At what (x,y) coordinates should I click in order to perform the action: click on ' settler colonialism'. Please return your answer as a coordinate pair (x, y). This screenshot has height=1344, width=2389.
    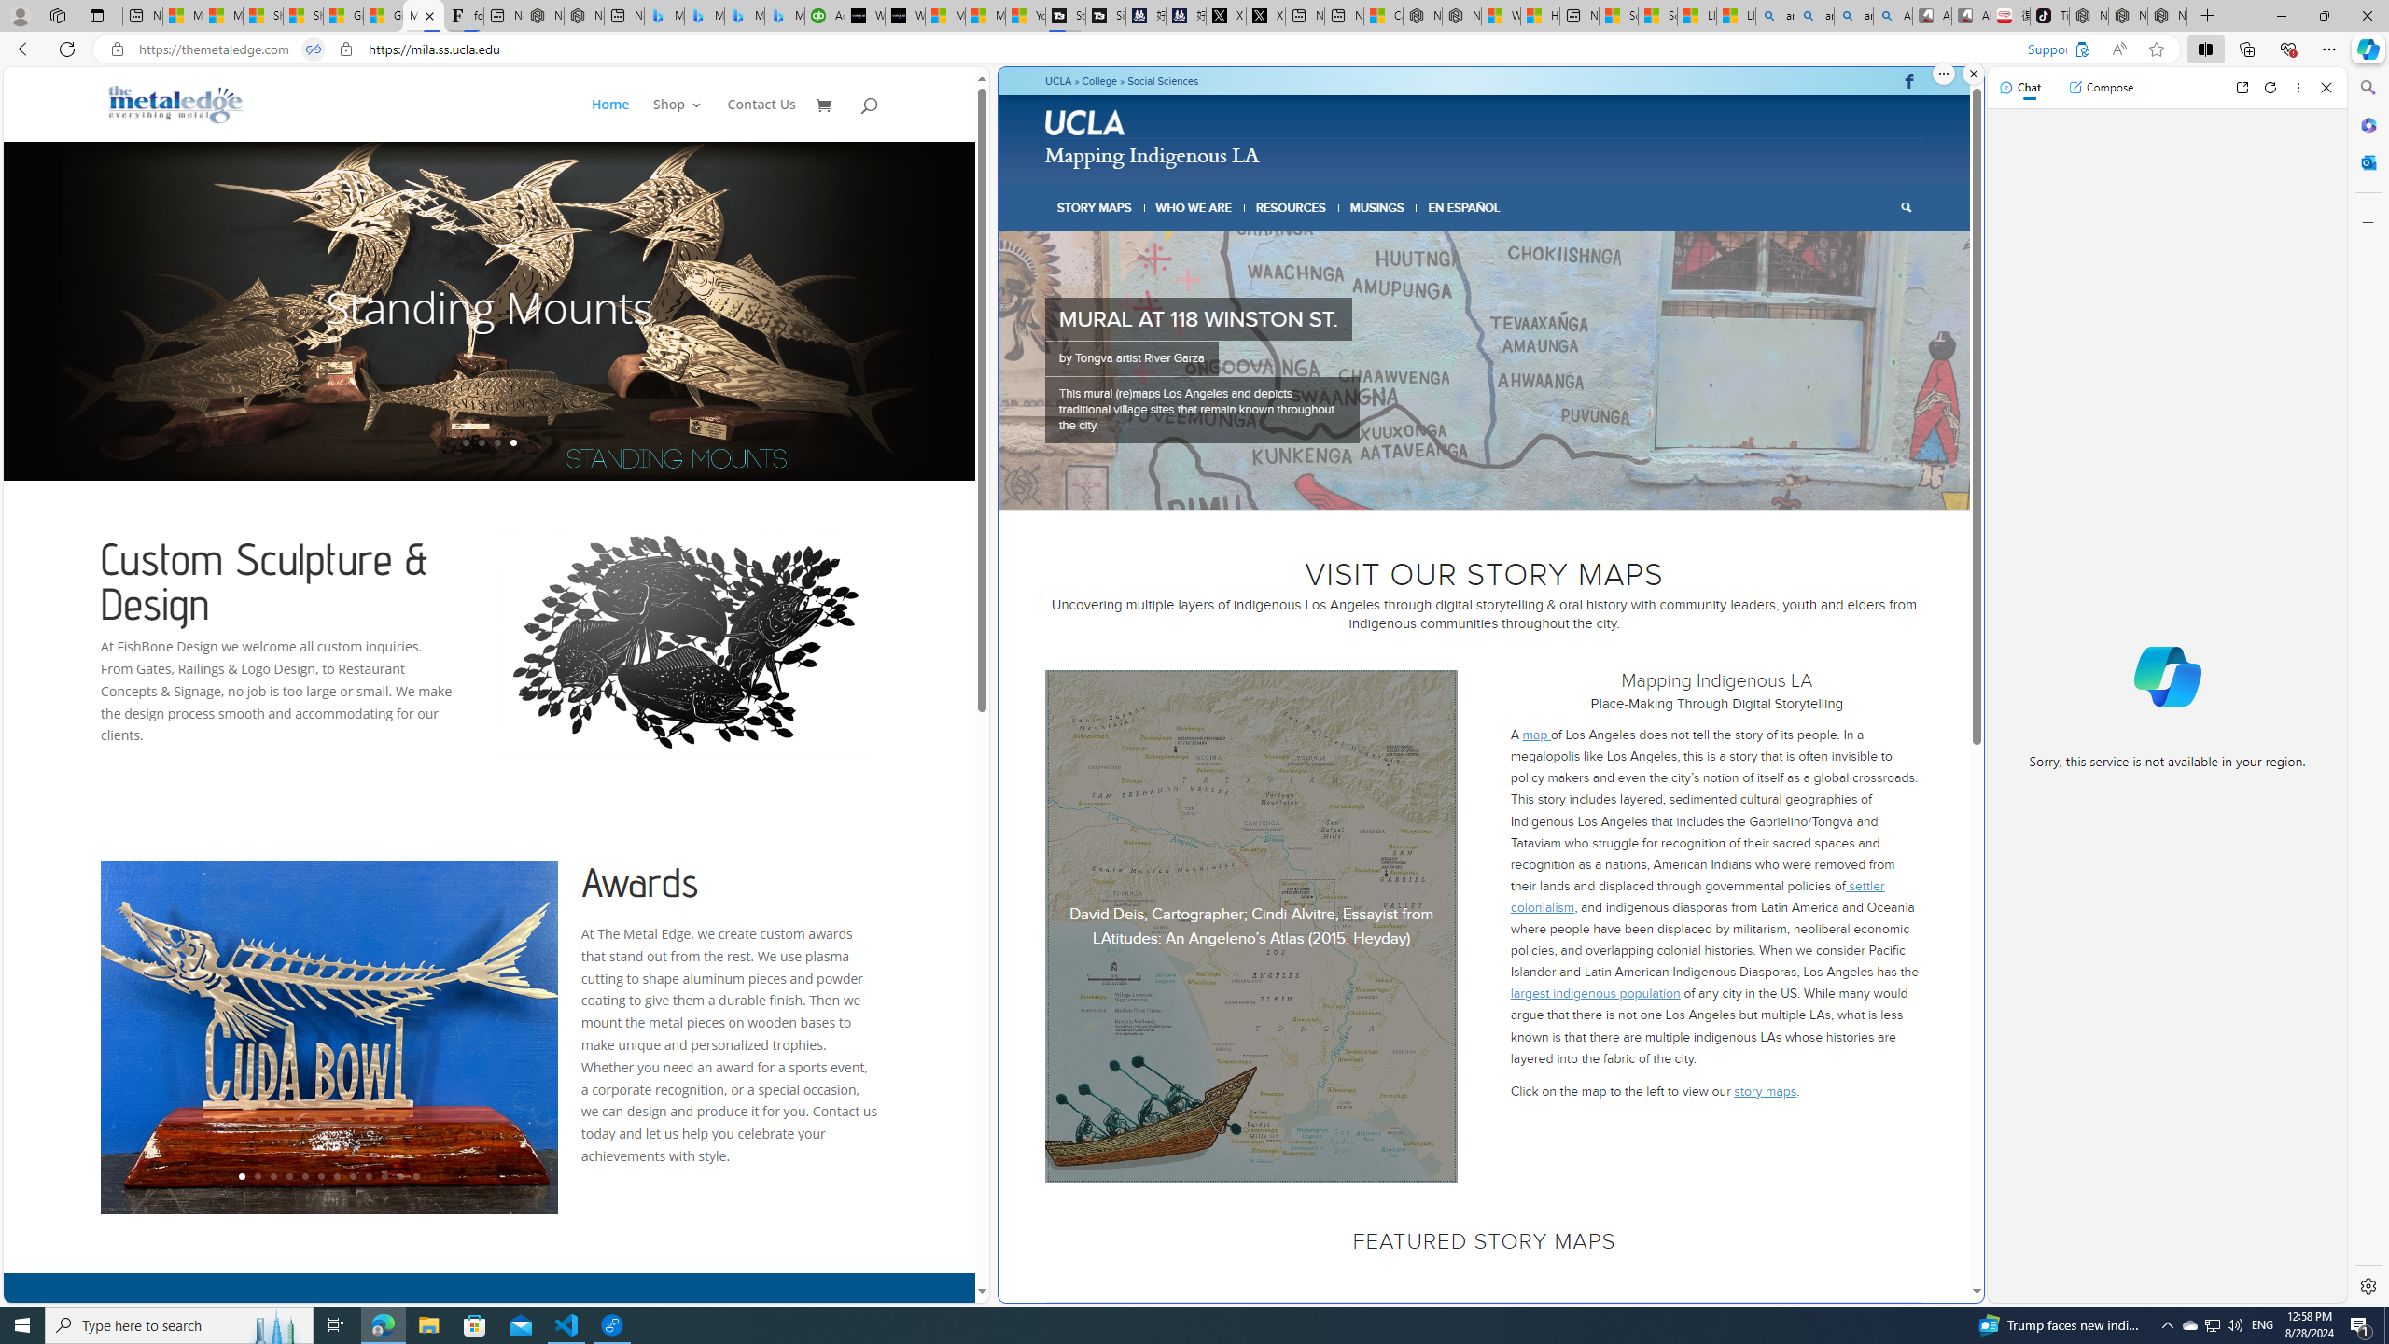
    Looking at the image, I should click on (1697, 896).